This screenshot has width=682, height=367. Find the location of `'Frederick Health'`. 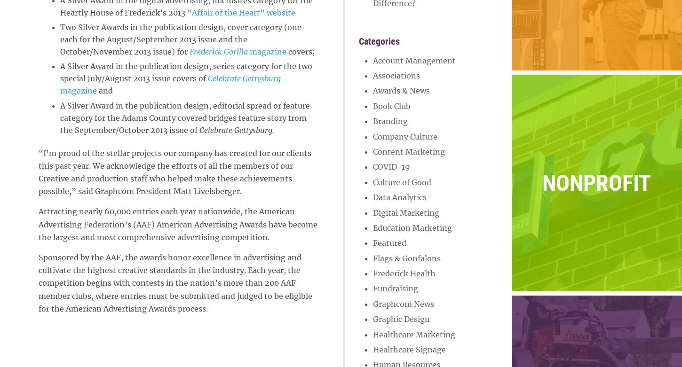

'Frederick Health' is located at coordinates (403, 273).